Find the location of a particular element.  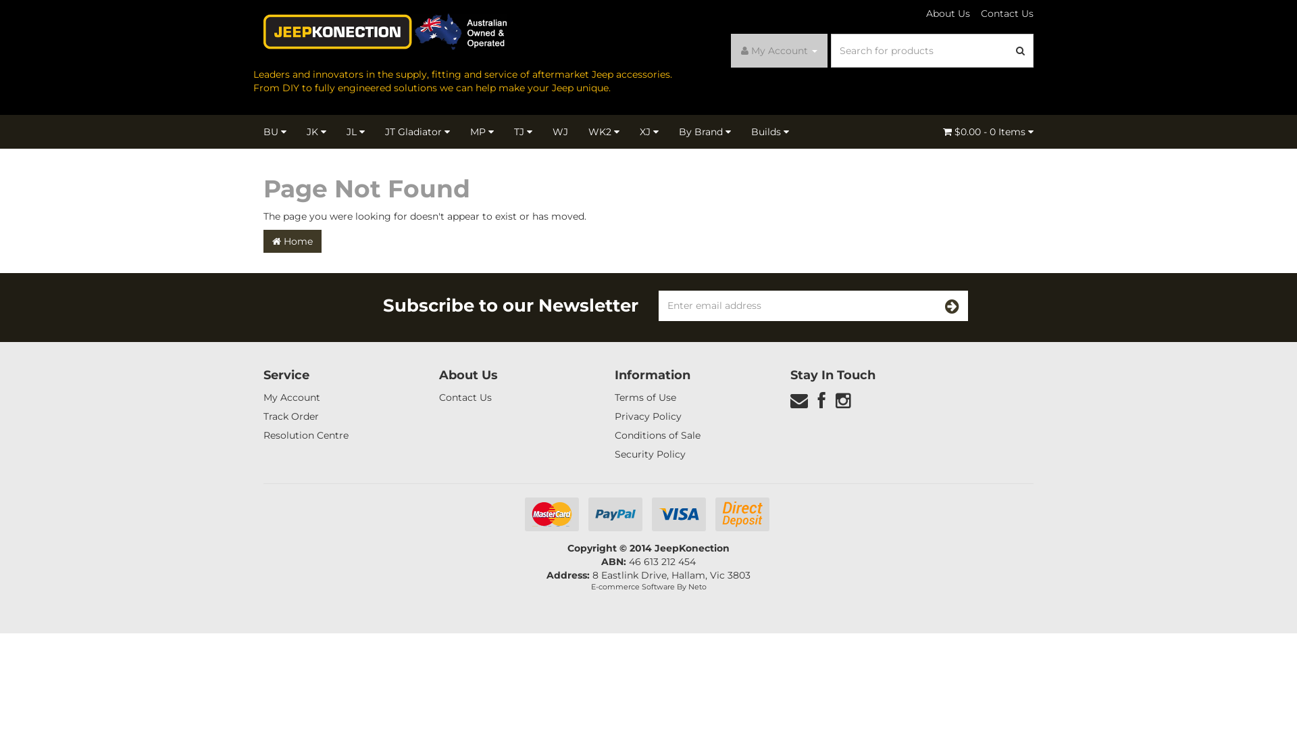

'My Account' is located at coordinates (779, 49).